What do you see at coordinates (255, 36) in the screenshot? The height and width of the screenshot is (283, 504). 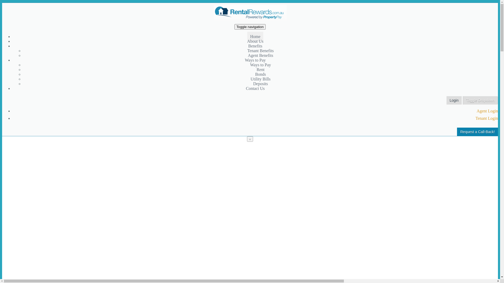 I see `'Home'` at bounding box center [255, 36].